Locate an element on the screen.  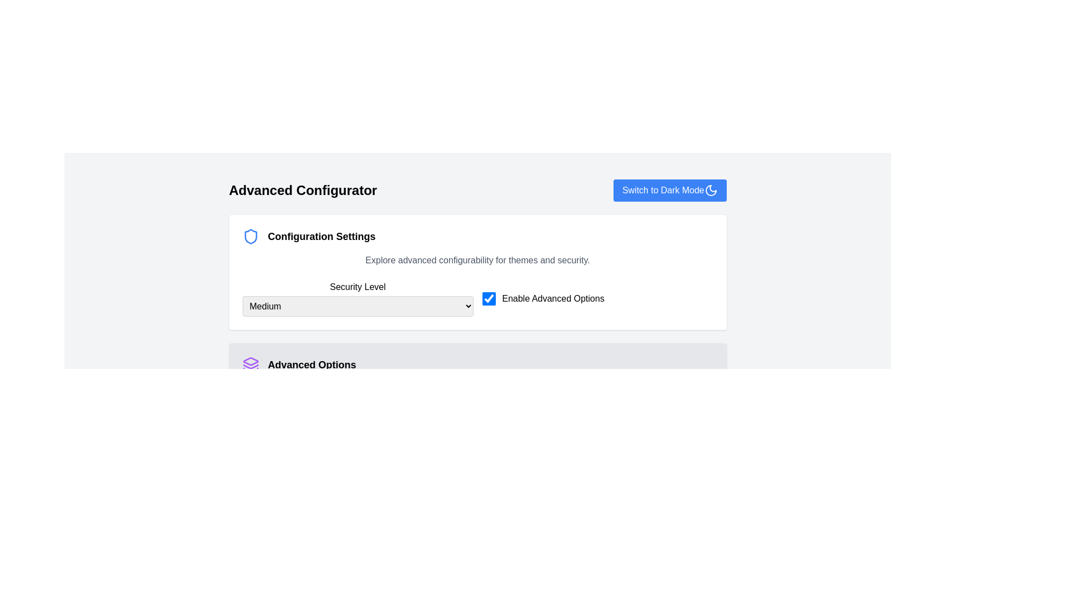
the Dropdown menu for selecting a security level within the 'Configuration Settings' panel is located at coordinates (358, 298).